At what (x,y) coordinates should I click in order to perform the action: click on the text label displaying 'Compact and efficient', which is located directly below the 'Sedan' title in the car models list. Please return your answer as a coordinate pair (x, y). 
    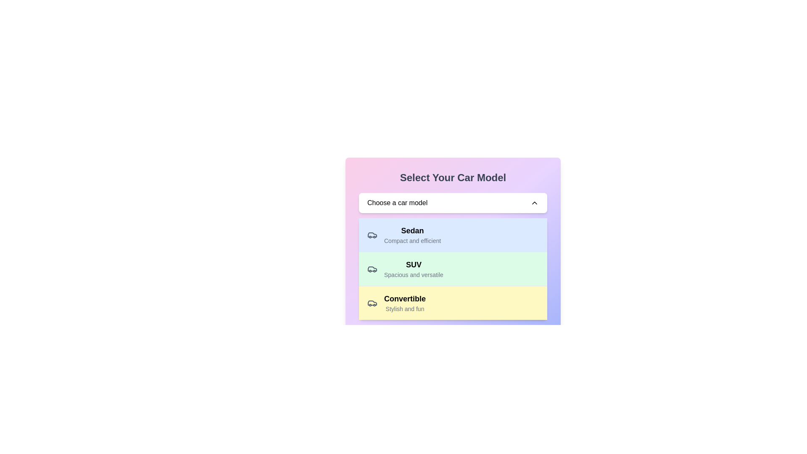
    Looking at the image, I should click on (412, 241).